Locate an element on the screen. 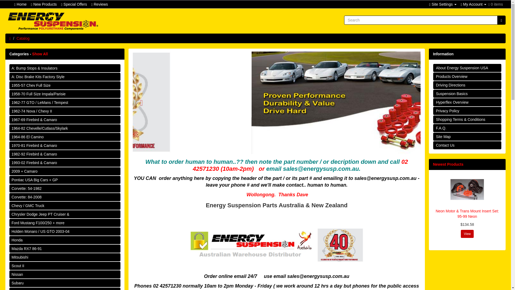  'Nissan' is located at coordinates (9, 274).